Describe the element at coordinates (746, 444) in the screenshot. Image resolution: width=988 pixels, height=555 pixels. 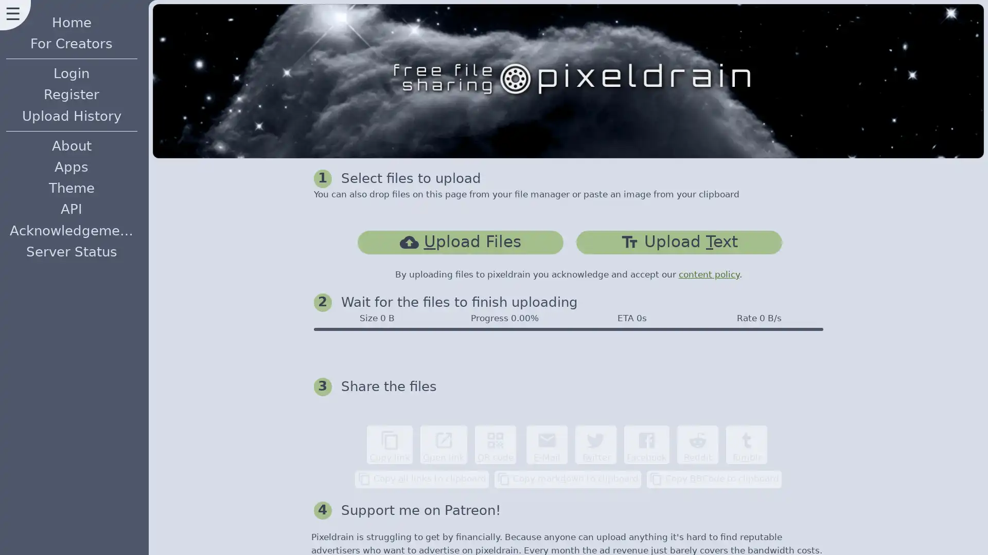
I see `Tumblr` at that location.